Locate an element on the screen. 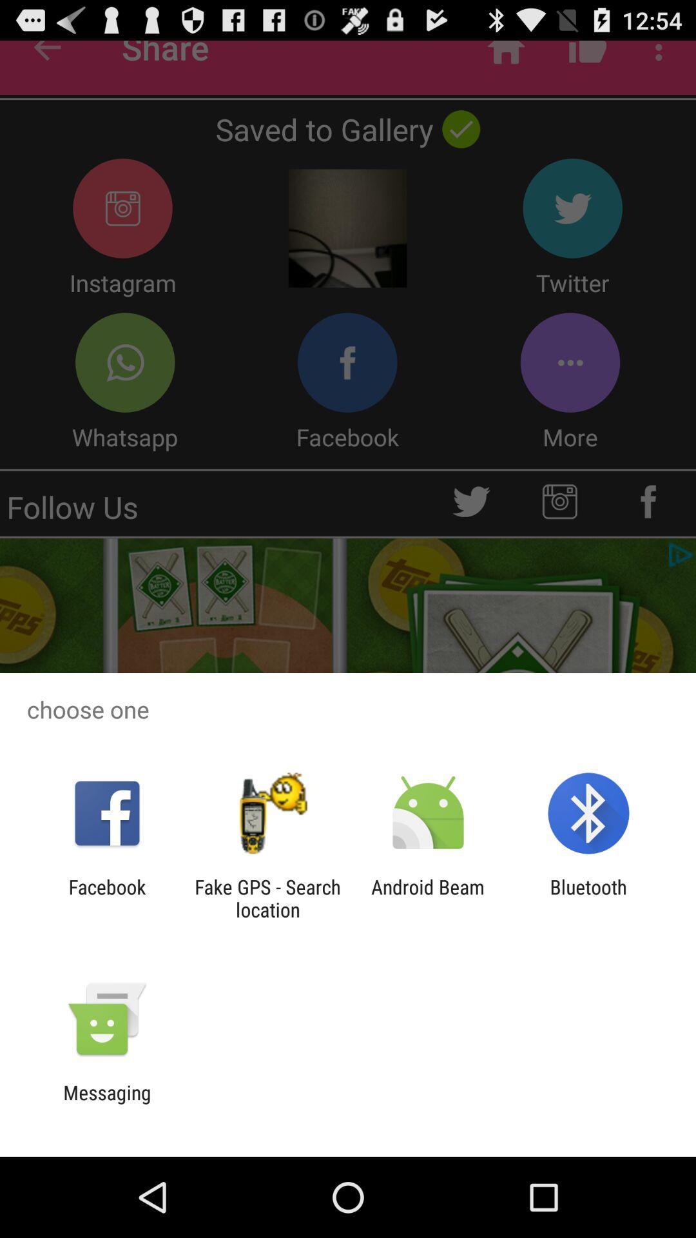 The width and height of the screenshot is (696, 1238). the item to the left of the android beam is located at coordinates (267, 898).